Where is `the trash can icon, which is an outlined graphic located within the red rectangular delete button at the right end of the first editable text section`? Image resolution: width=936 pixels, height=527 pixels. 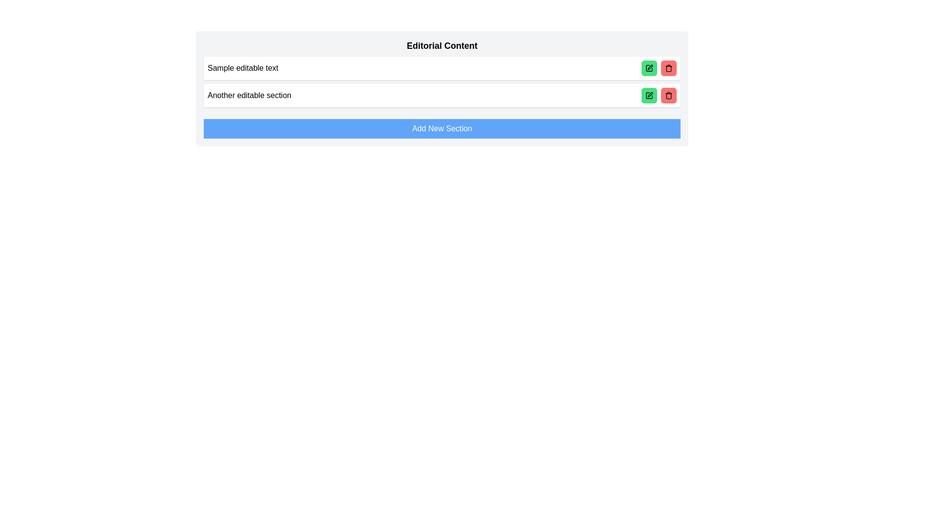
the trash can icon, which is an outlined graphic located within the red rectangular delete button at the right end of the first editable text section is located at coordinates (668, 96).